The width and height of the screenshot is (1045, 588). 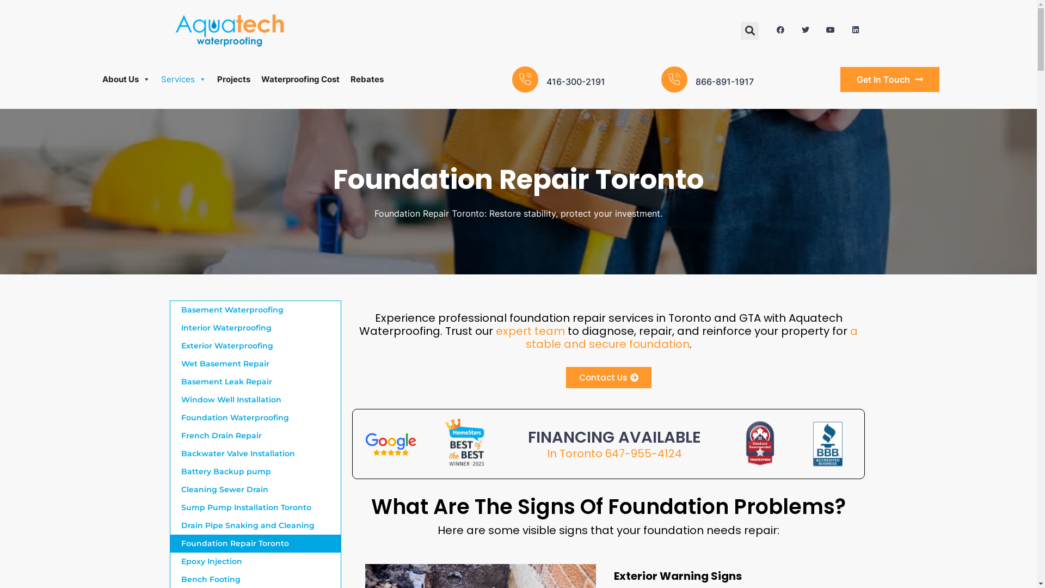 What do you see at coordinates (255, 310) in the screenshot?
I see `'Basement Waterproofing'` at bounding box center [255, 310].